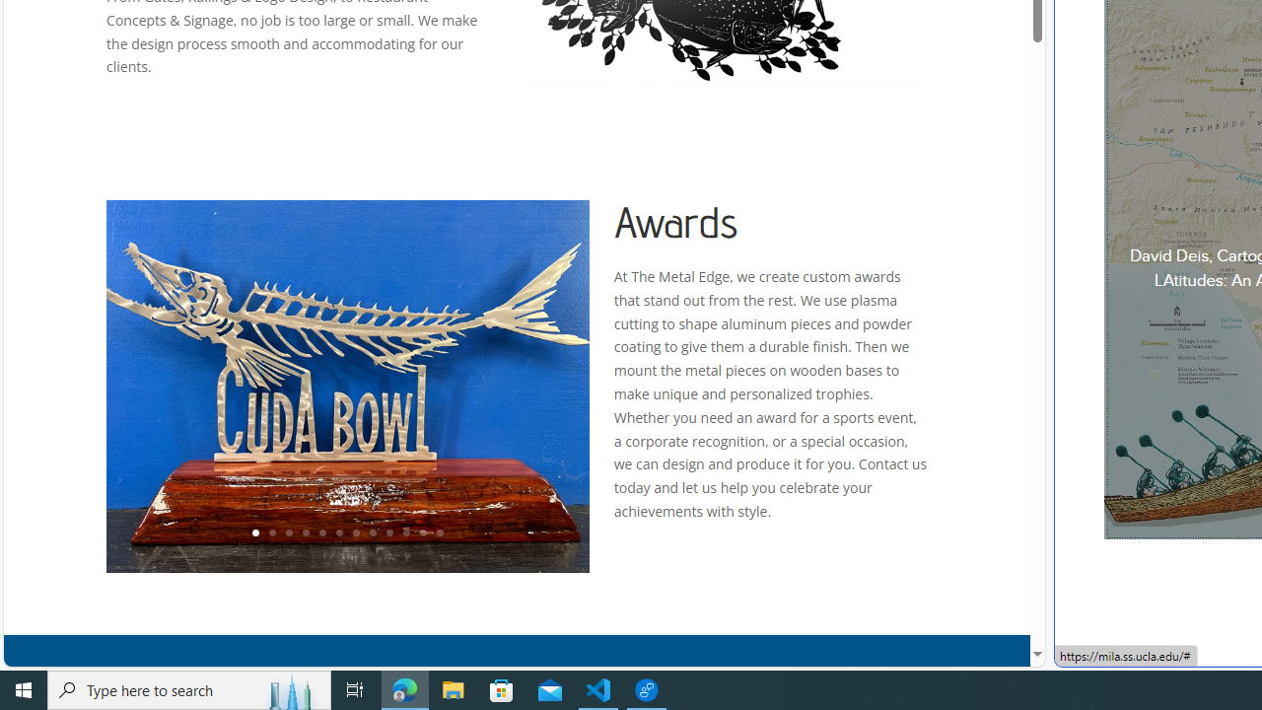  I want to click on '4', so click(304, 533).